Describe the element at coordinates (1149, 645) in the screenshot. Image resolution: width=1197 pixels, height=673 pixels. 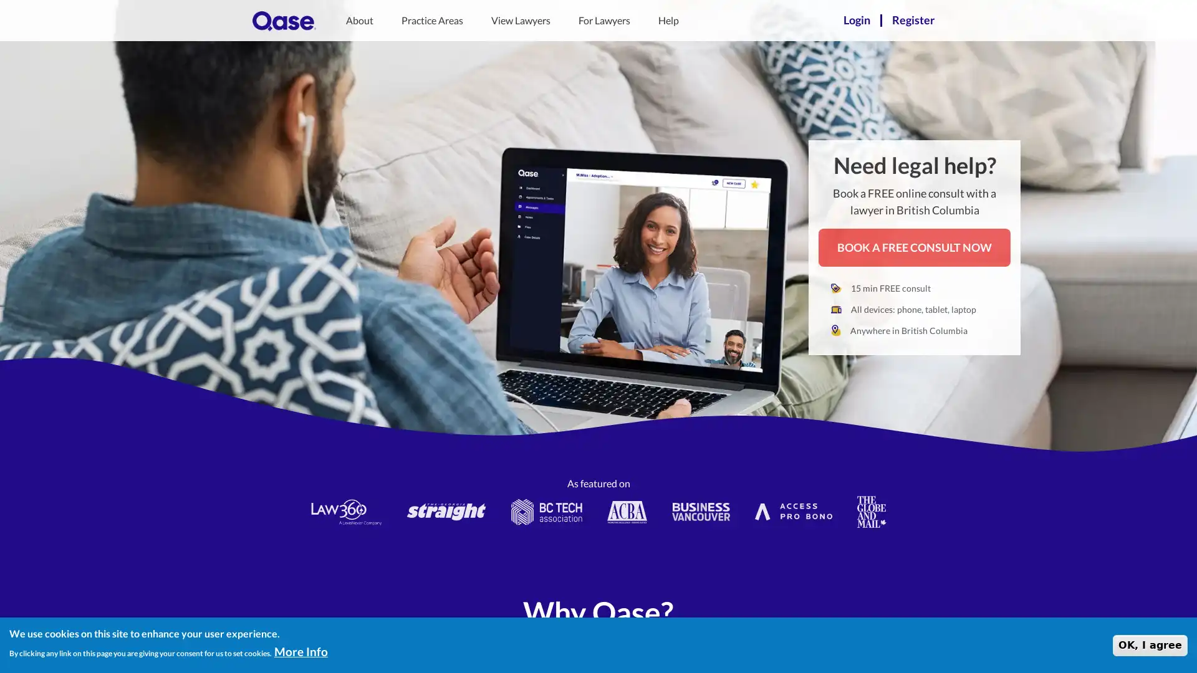
I see `OK, I agree` at that location.